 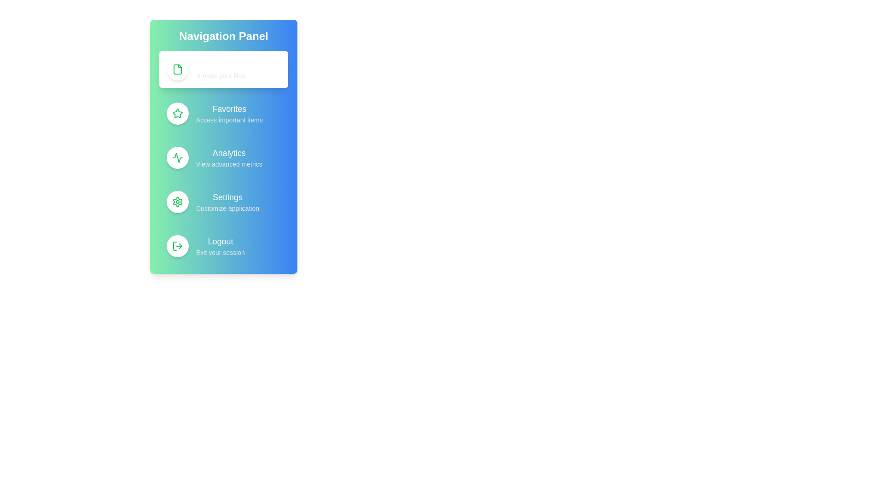 I want to click on the menu option Logout from the navigation menu, so click(x=223, y=246).